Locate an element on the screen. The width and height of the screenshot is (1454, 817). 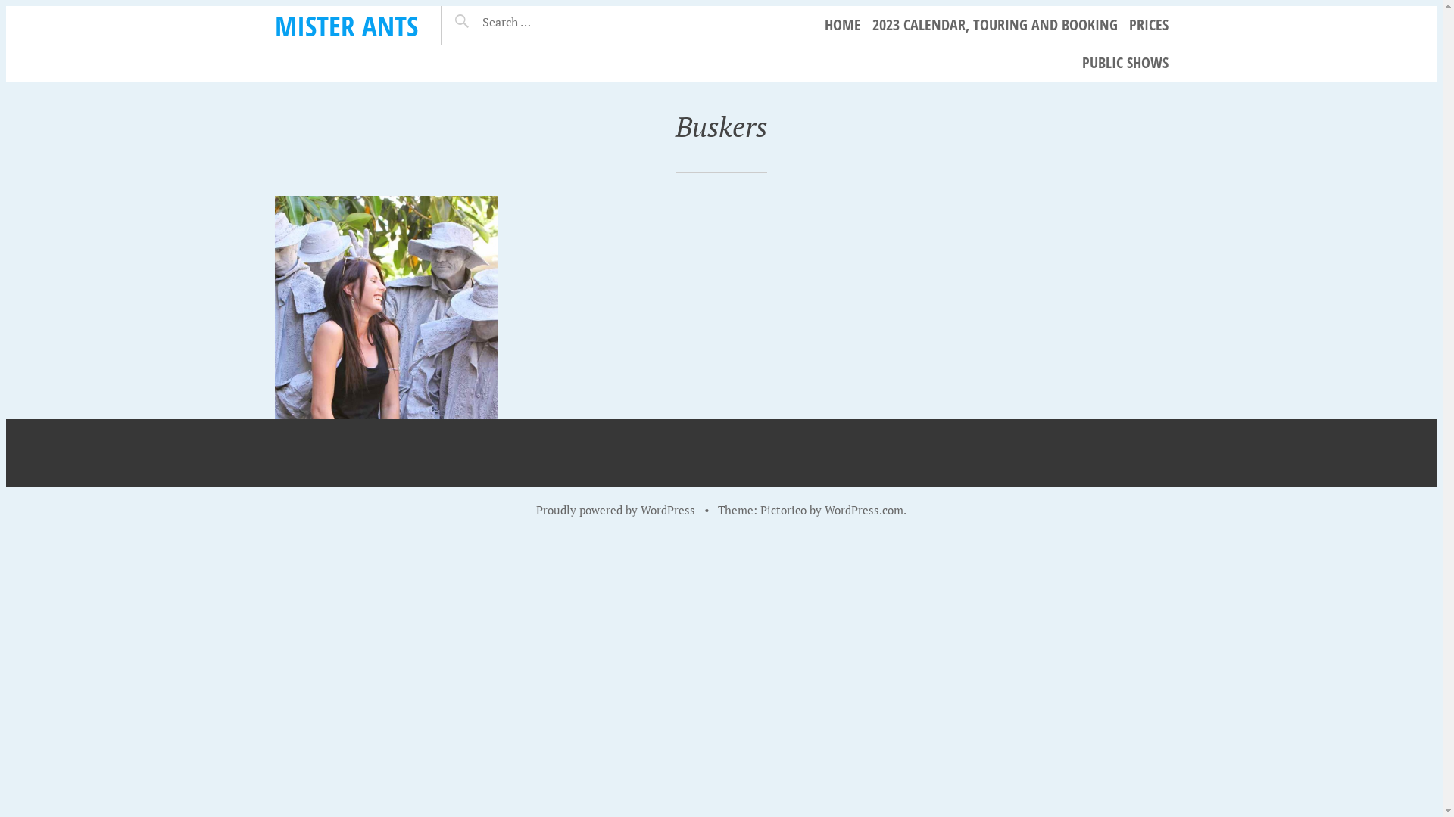
'HOME' is located at coordinates (841, 25).